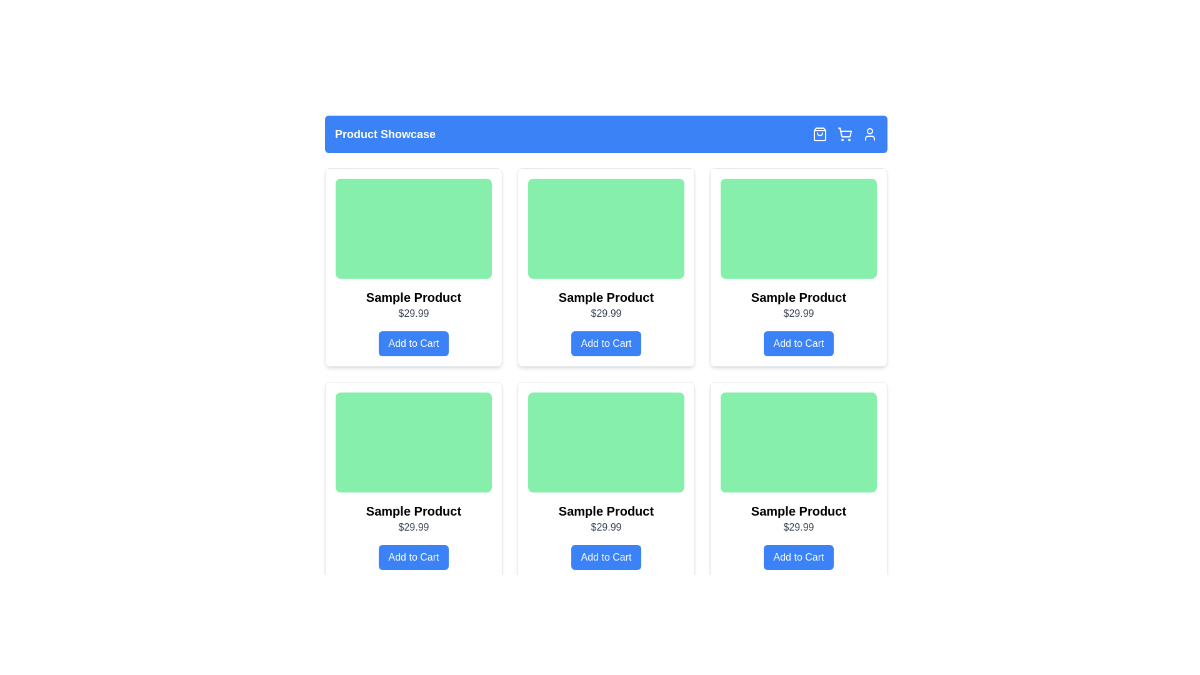 The width and height of the screenshot is (1200, 675). What do you see at coordinates (414, 267) in the screenshot?
I see `product details of the top-left card in the product showcase grid, which includes an image placeholder, the text 'Sample Product', and a price label '$29.99', along with the 'Add to Cart' button` at bounding box center [414, 267].